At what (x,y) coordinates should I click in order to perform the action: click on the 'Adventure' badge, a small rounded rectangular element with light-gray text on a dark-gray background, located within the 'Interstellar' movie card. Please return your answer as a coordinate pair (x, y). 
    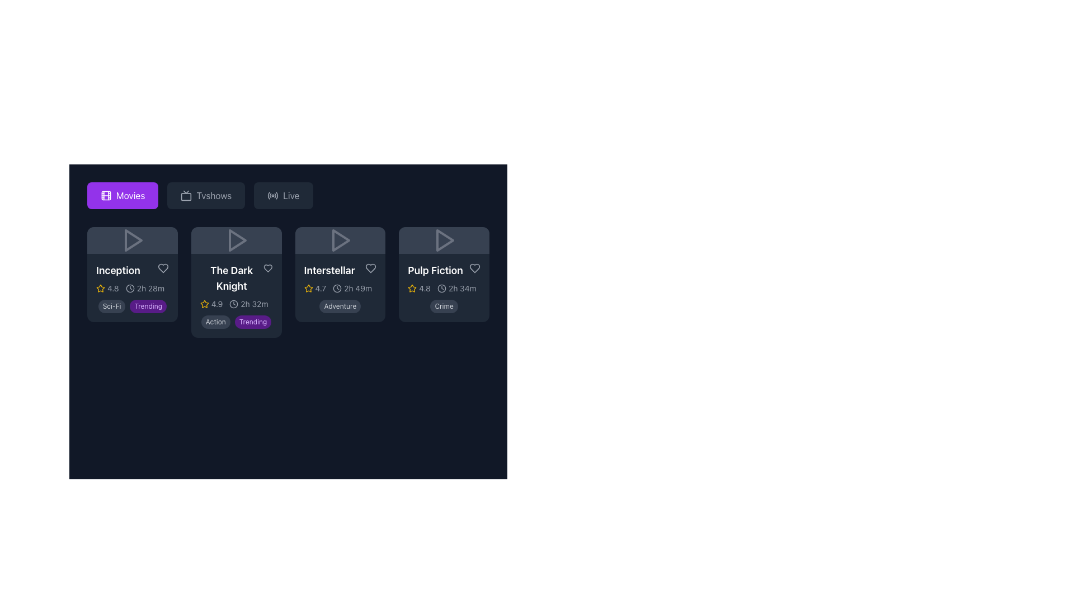
    Looking at the image, I should click on (340, 306).